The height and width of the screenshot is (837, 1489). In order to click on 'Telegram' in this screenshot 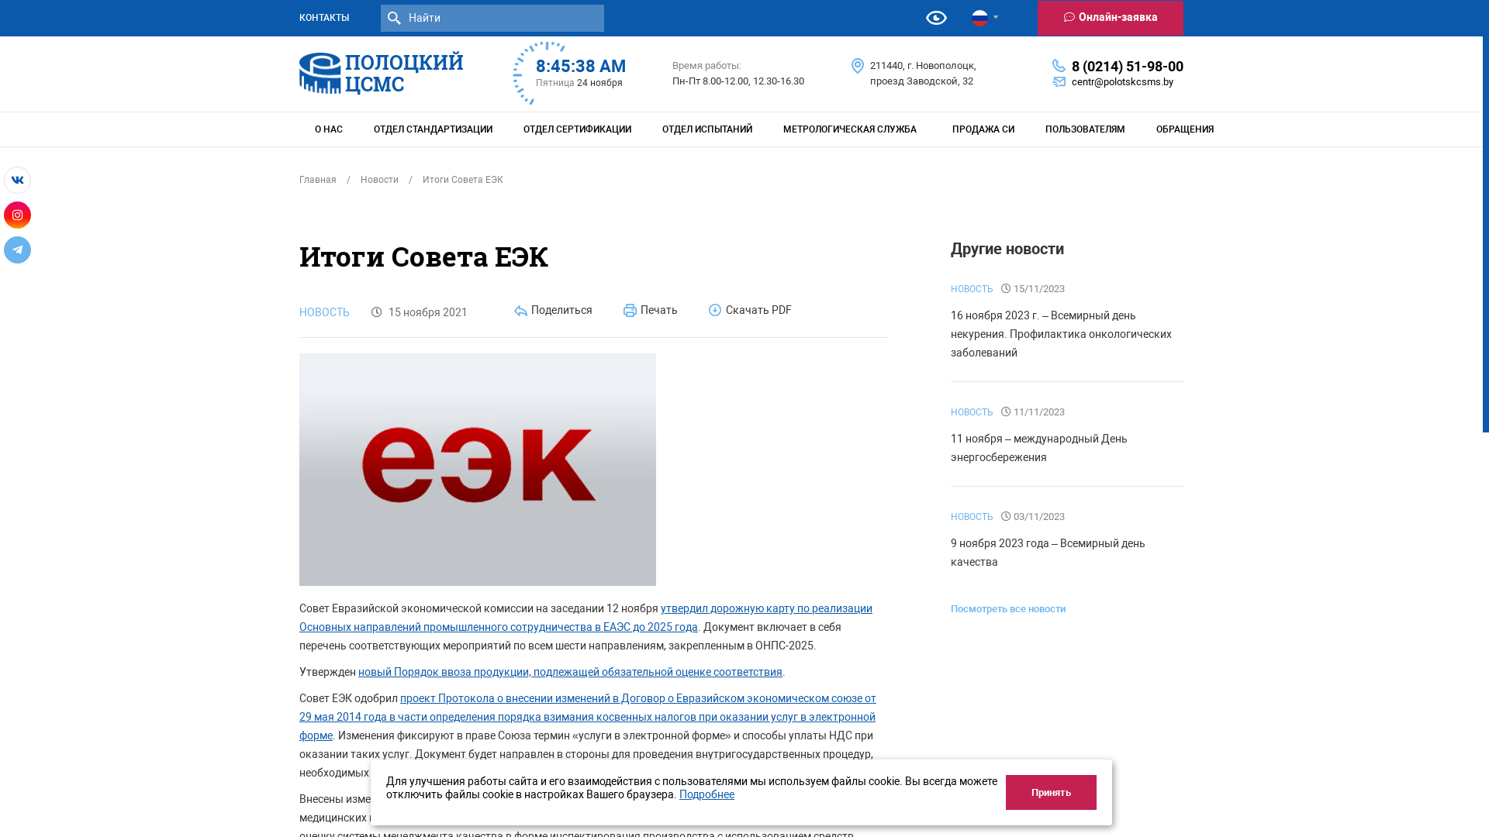, I will do `click(17, 249)`.